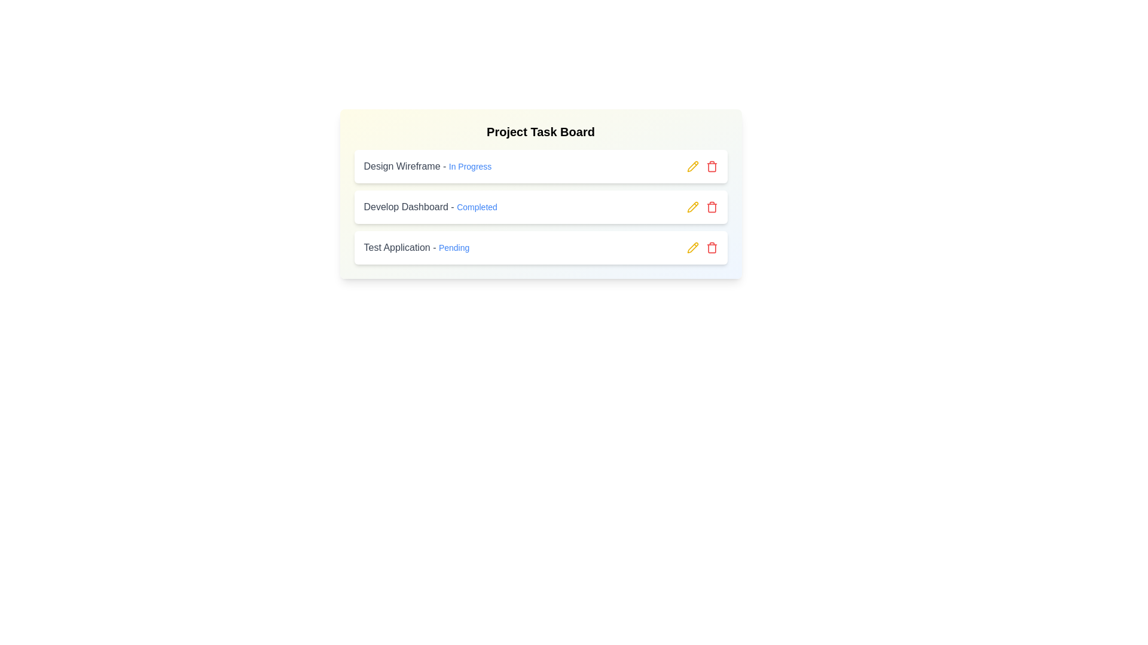 The height and width of the screenshot is (645, 1148). What do you see at coordinates (476, 207) in the screenshot?
I see `the status label of the task Develop Dashboard to highlight it` at bounding box center [476, 207].